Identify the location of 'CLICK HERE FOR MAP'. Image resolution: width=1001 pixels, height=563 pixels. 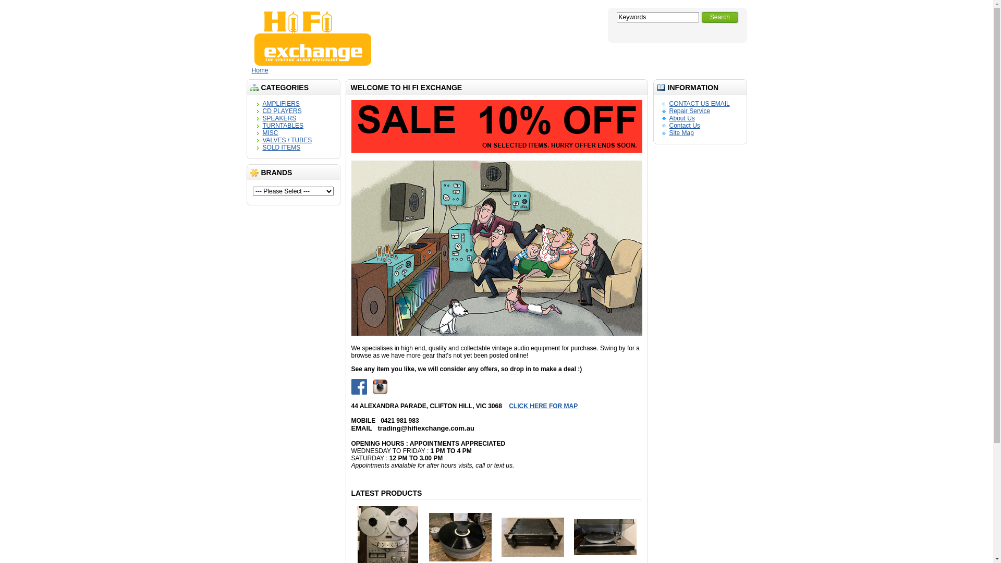
(622, 409).